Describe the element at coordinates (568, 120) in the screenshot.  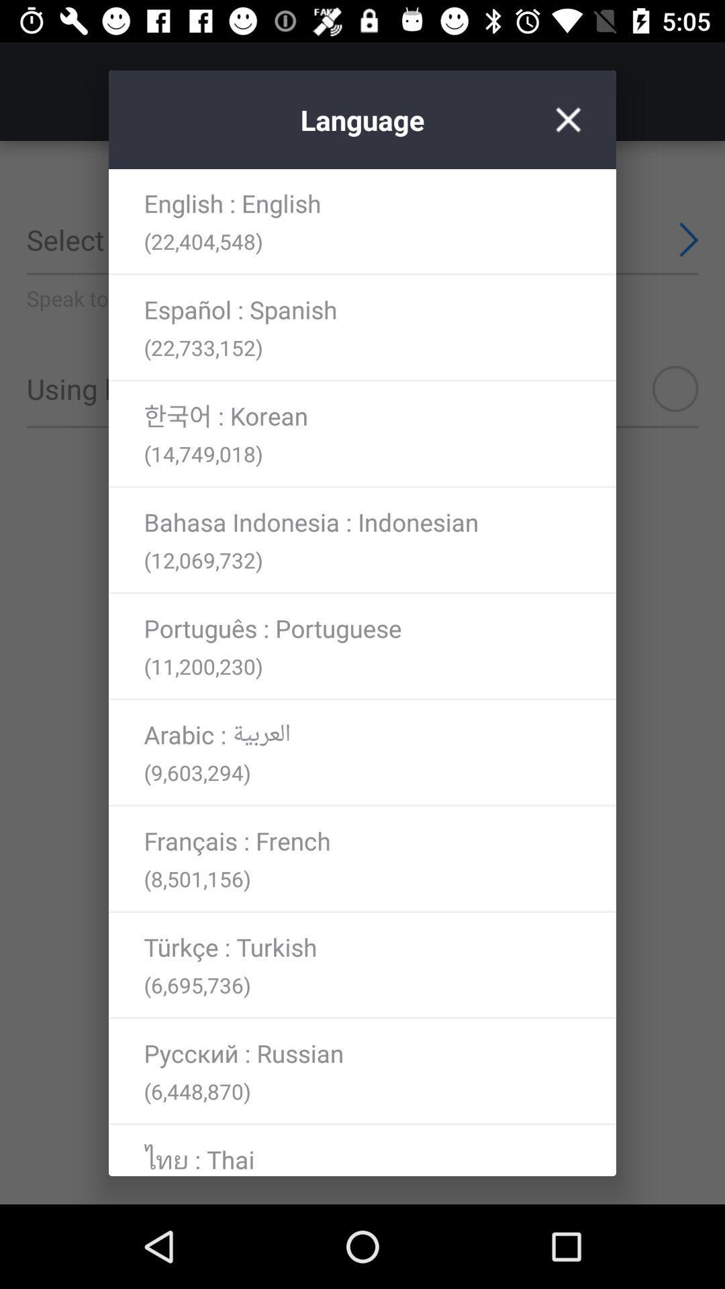
I see `exit the menu` at that location.